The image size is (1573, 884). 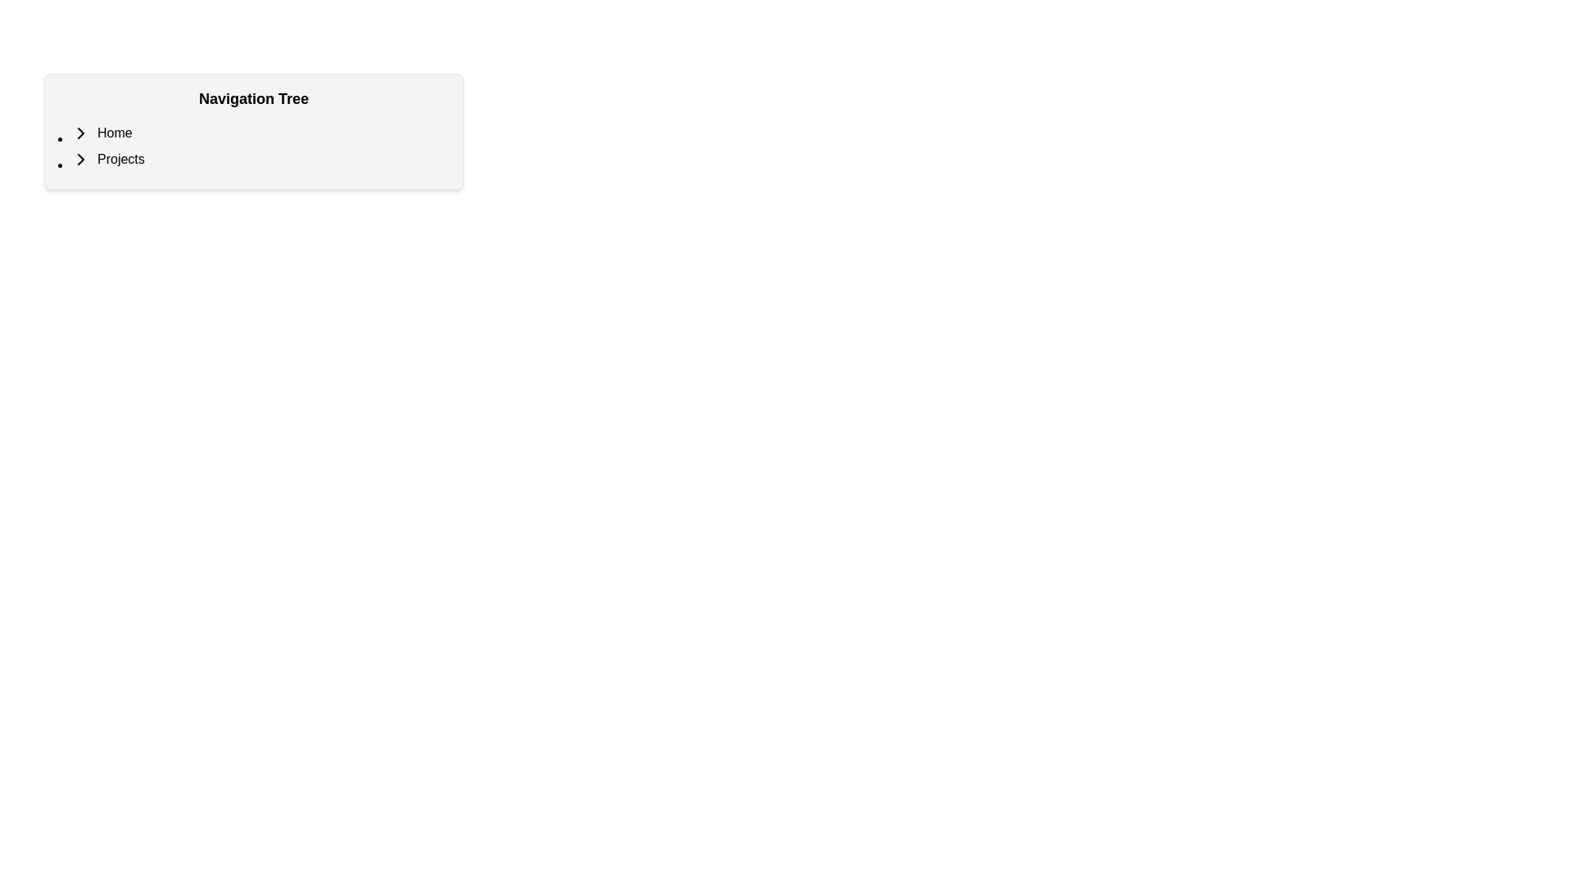 What do you see at coordinates (80, 132) in the screenshot?
I see `the expandable/collapsible button located to the immediate left of the 'Home' text in the navigation tree` at bounding box center [80, 132].